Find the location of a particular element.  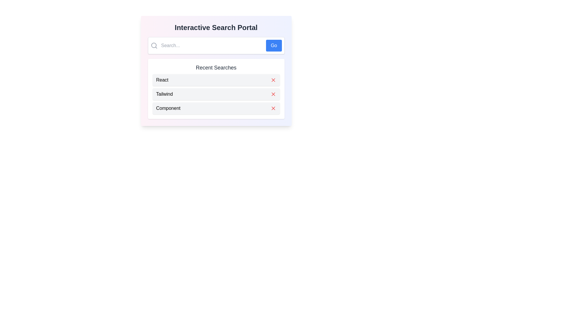

the second row of the 'Recent Searches' section is located at coordinates (164, 94).